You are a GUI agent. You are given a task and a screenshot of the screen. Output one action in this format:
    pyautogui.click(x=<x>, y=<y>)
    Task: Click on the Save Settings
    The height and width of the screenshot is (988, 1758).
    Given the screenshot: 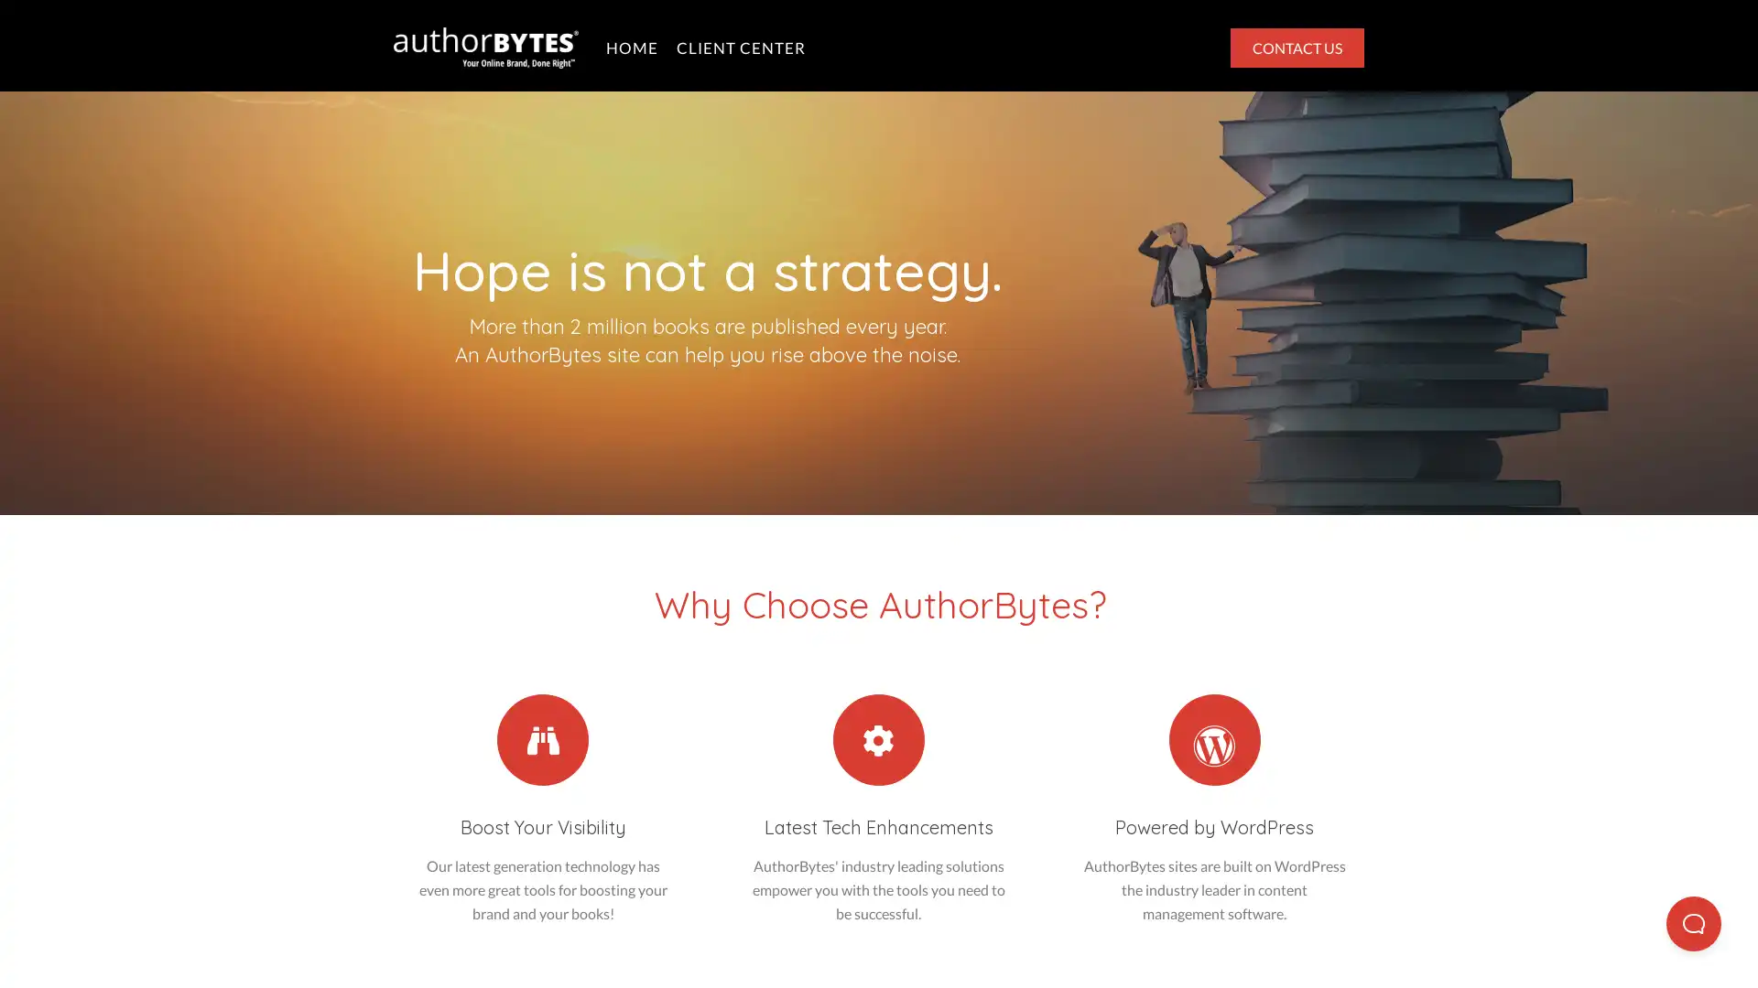 What is the action you would take?
    pyautogui.click(x=831, y=947)
    